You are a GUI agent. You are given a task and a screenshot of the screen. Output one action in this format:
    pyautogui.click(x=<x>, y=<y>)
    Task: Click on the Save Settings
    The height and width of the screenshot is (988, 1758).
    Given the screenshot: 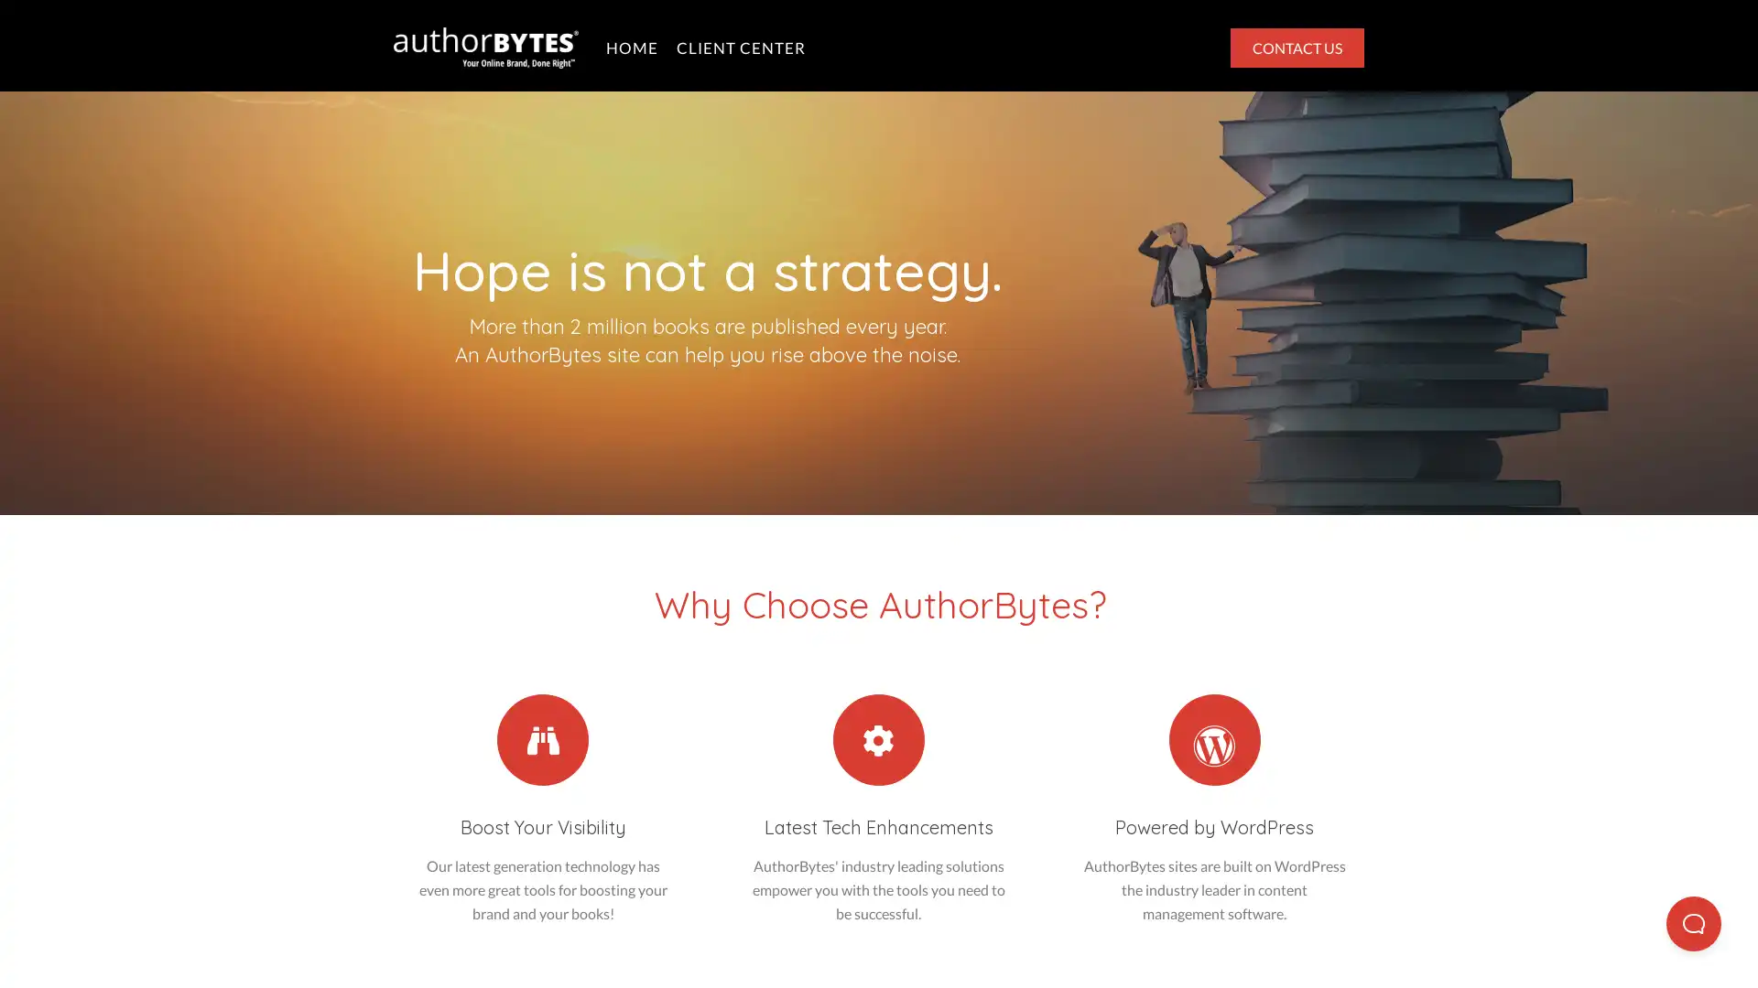 What is the action you would take?
    pyautogui.click(x=831, y=947)
    